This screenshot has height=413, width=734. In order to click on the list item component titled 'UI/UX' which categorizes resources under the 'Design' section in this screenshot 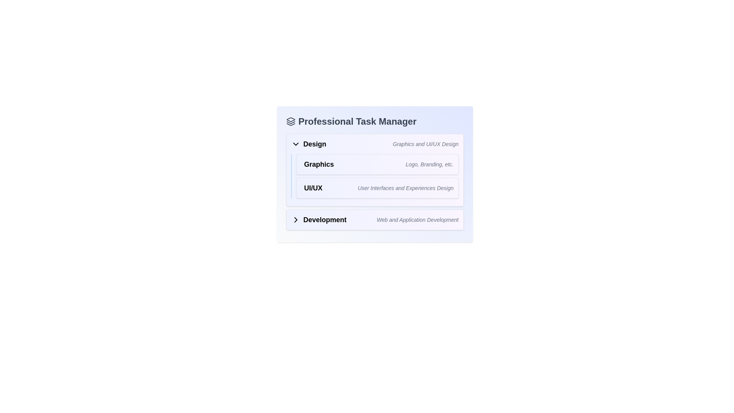, I will do `click(377, 188)`.